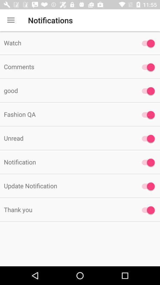  I want to click on notification option, so click(146, 91).